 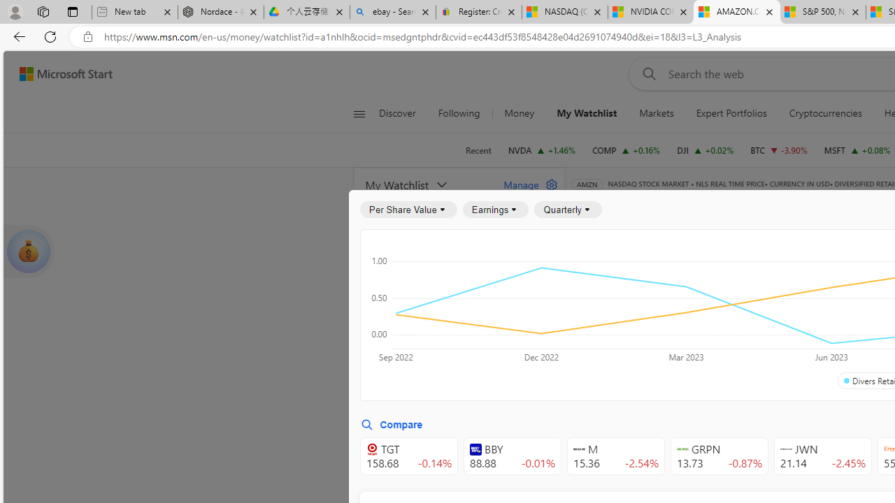 What do you see at coordinates (706, 150) in the screenshot?
I see `'DJI DOW increase 41,250.50 +9.98 +0.02%'` at bounding box center [706, 150].